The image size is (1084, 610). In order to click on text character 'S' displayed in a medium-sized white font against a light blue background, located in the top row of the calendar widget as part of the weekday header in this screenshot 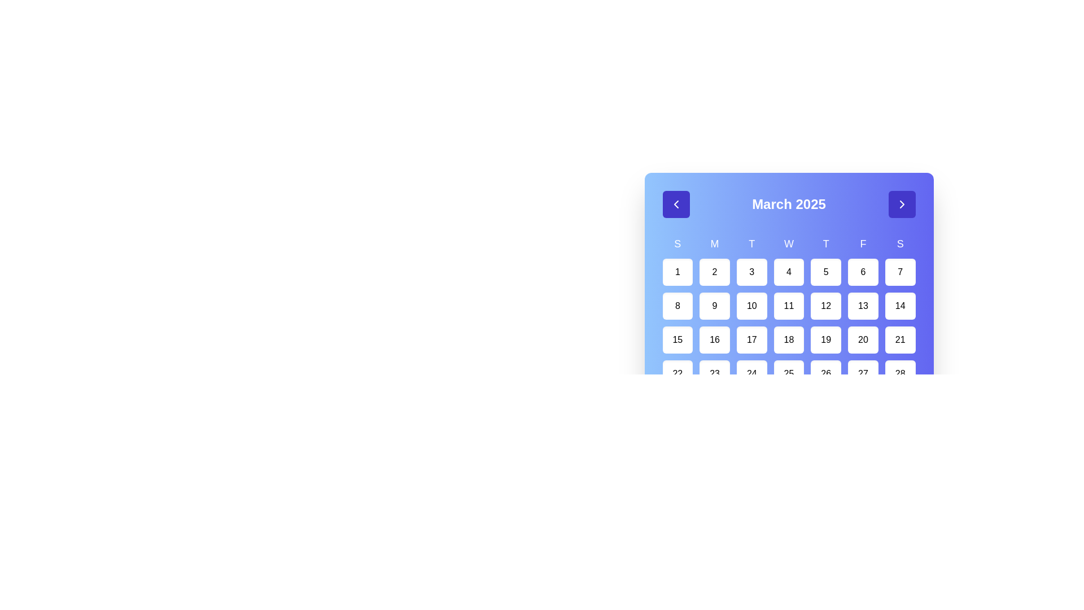, I will do `click(677, 243)`.